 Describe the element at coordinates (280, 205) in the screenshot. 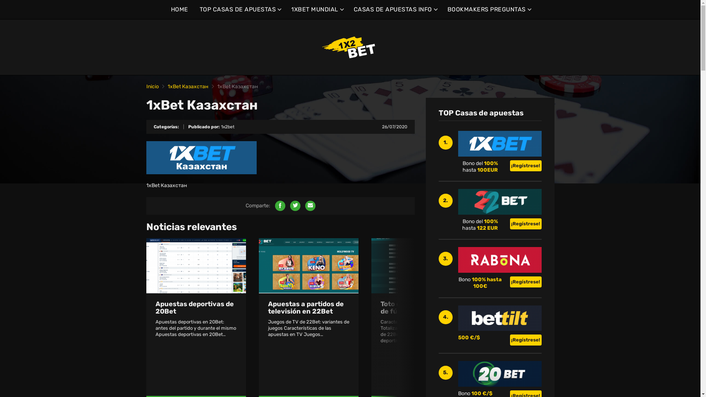

I see `'Share on Facebook'` at that location.